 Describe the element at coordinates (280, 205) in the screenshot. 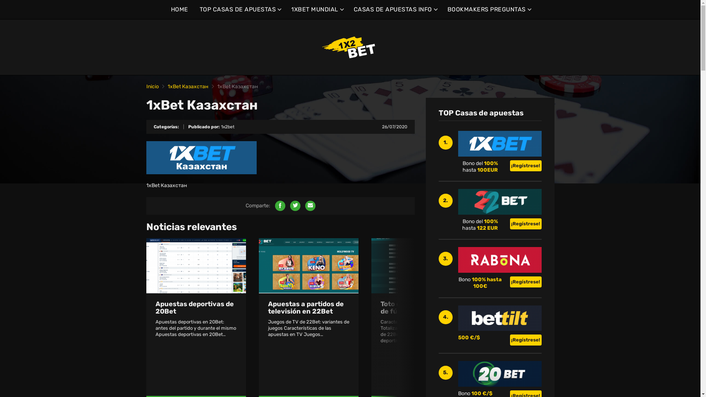

I see `'Share on Facebook'` at that location.